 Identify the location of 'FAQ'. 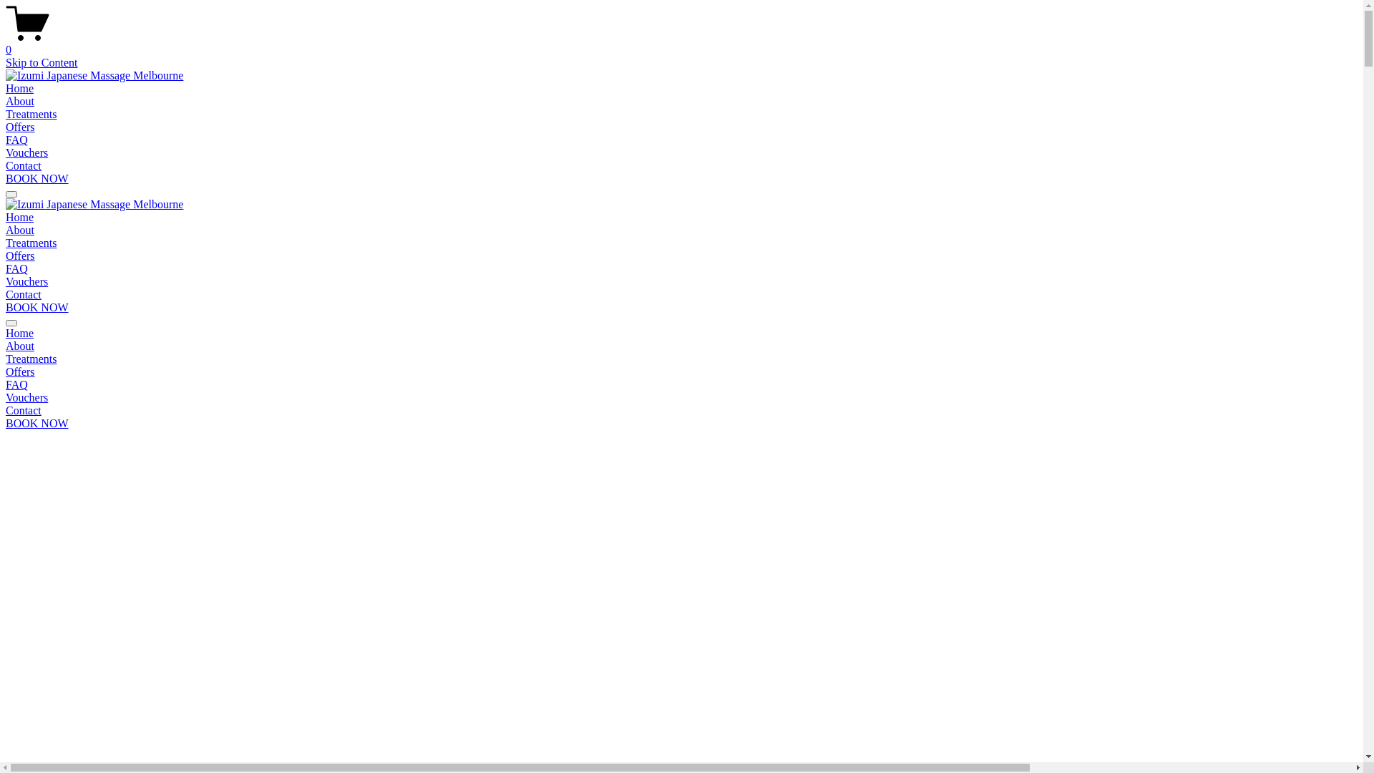
(16, 140).